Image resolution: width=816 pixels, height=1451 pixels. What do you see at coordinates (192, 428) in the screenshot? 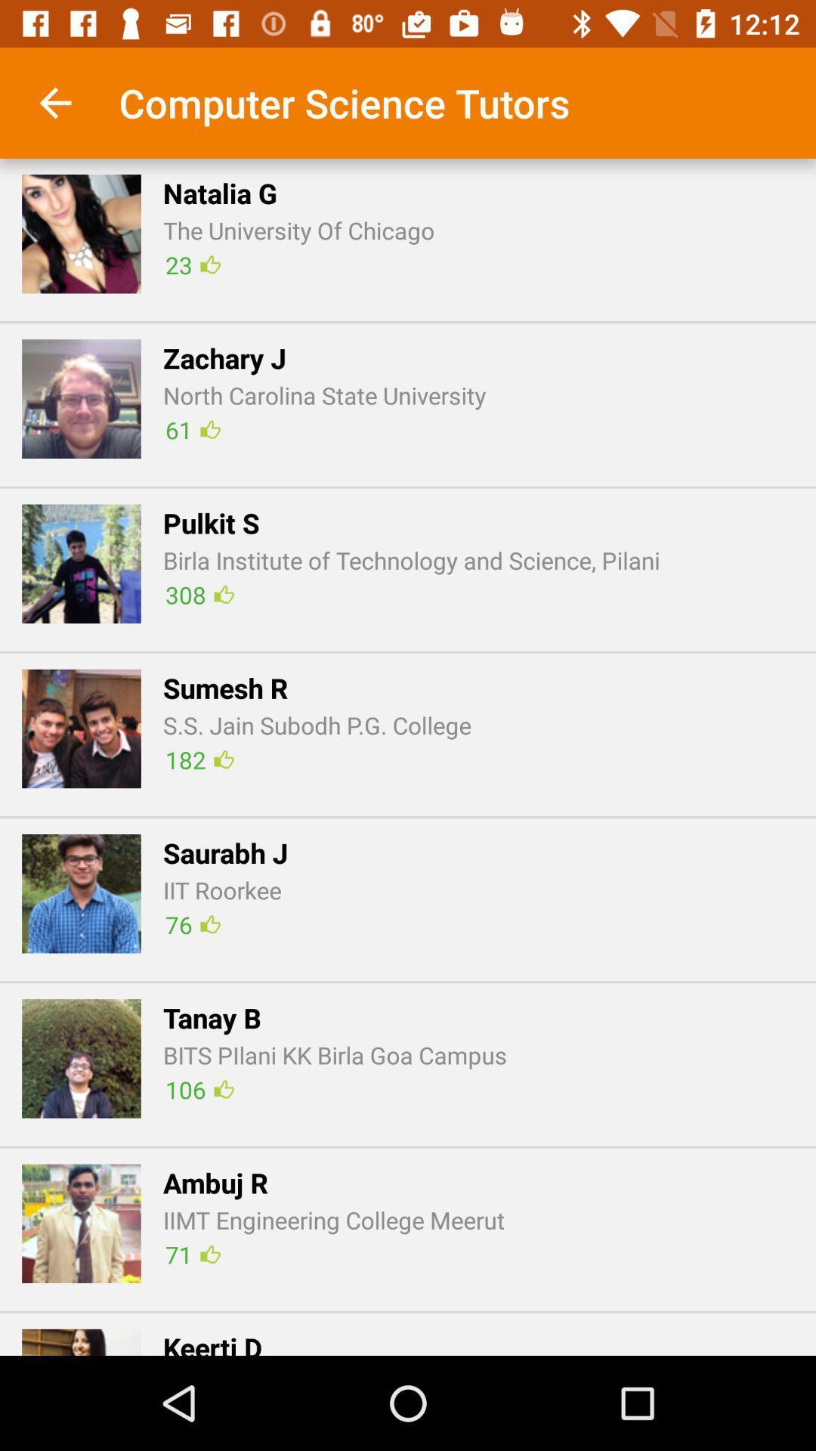
I see `the item below north carolina state icon` at bounding box center [192, 428].